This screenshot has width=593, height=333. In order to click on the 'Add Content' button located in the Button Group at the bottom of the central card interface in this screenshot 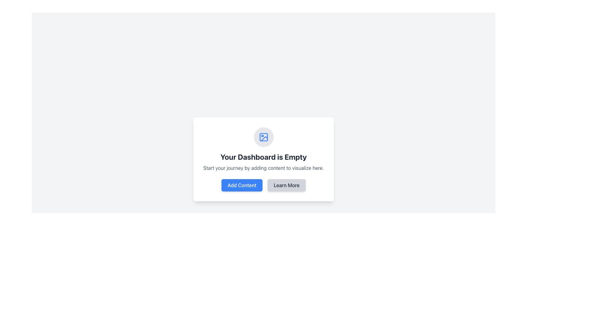, I will do `click(263, 185)`.